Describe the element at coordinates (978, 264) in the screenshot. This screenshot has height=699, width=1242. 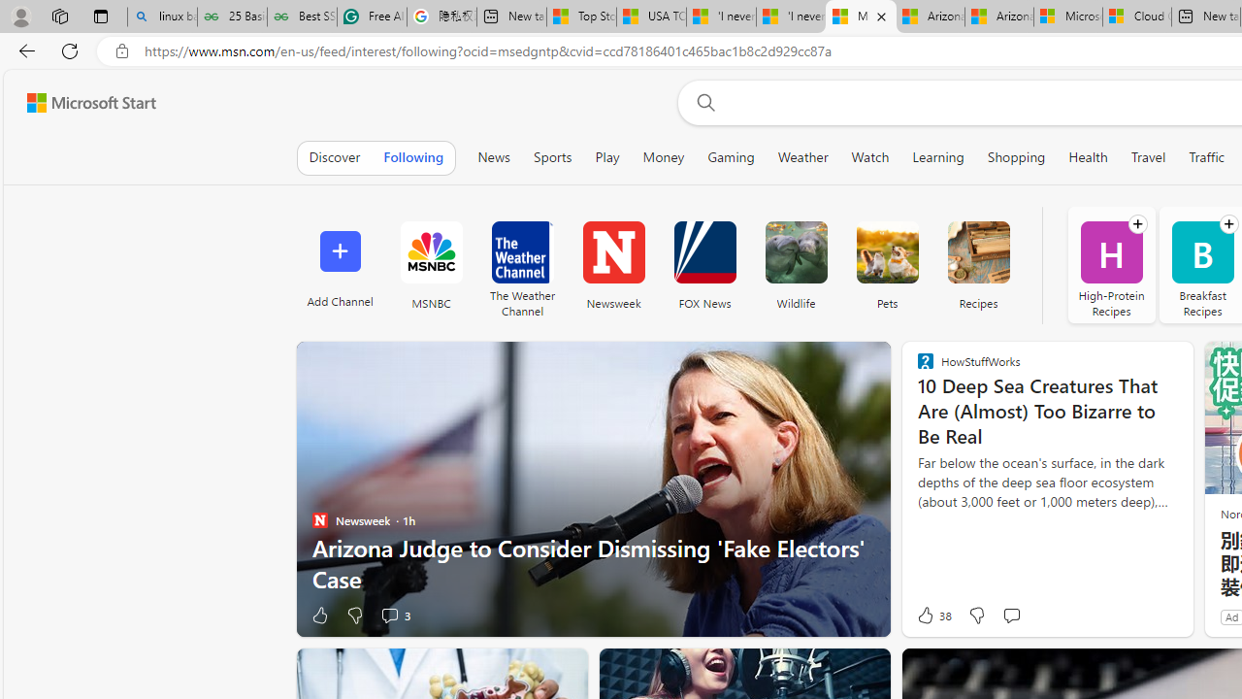
I see `'Recipes'` at that location.